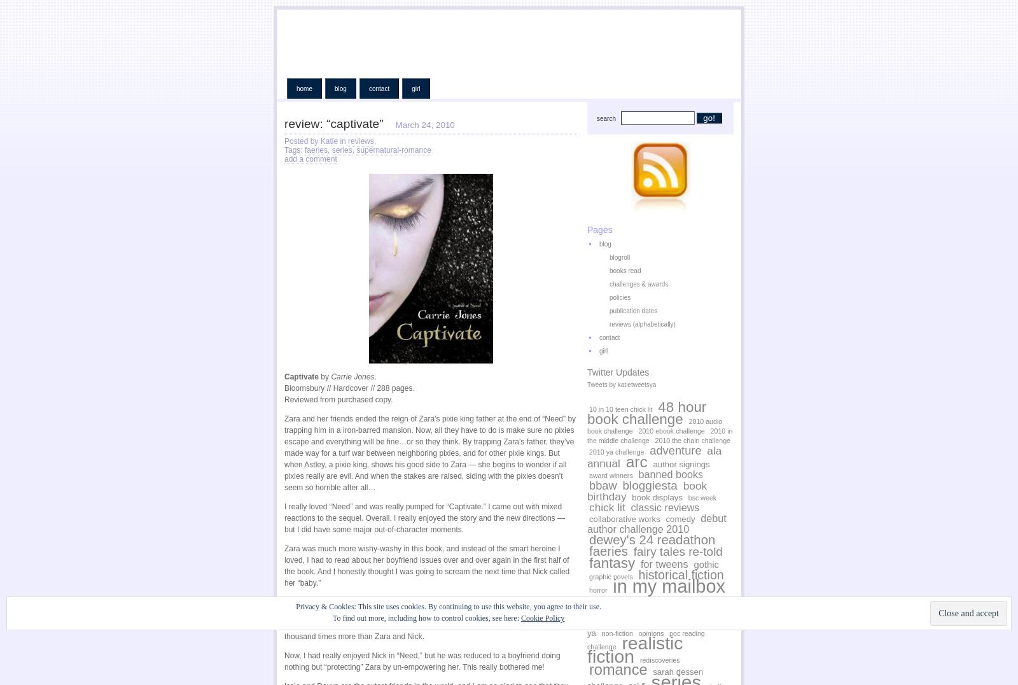 The height and width of the screenshot is (685, 1018). Describe the element at coordinates (632, 310) in the screenshot. I see `'publication dates'` at that location.